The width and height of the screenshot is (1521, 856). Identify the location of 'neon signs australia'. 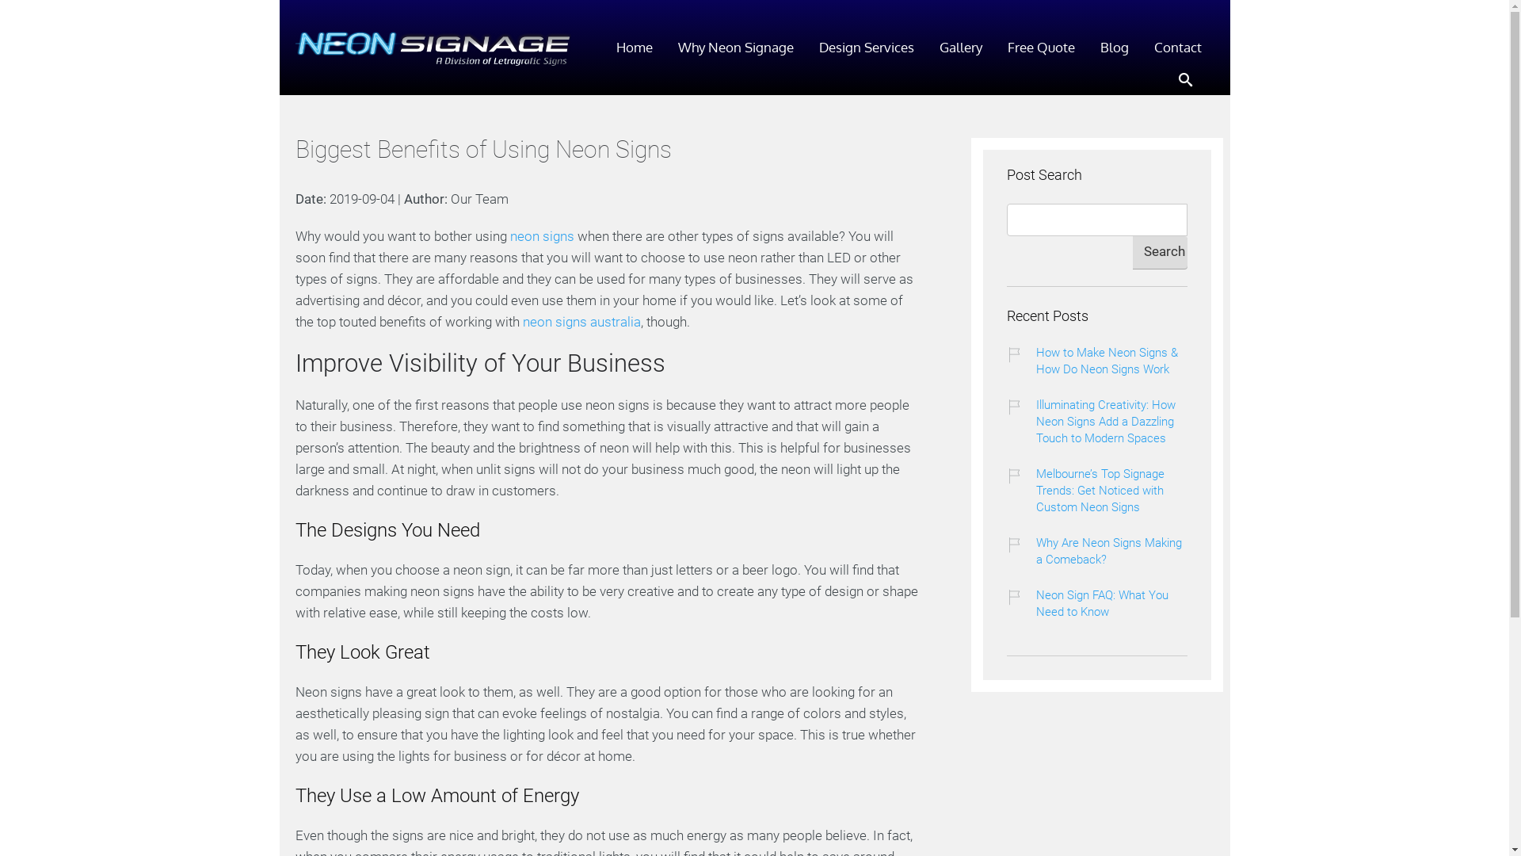
(581, 321).